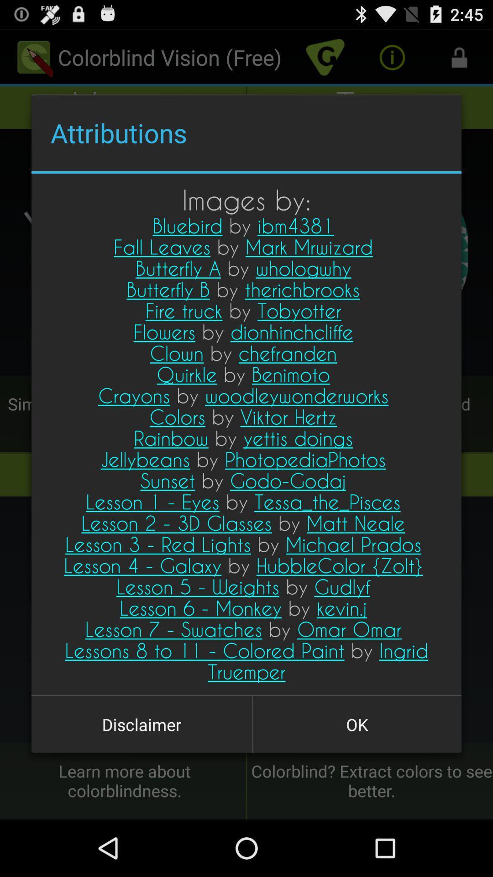 Image resolution: width=493 pixels, height=877 pixels. I want to click on item at the bottom right corner, so click(357, 724).